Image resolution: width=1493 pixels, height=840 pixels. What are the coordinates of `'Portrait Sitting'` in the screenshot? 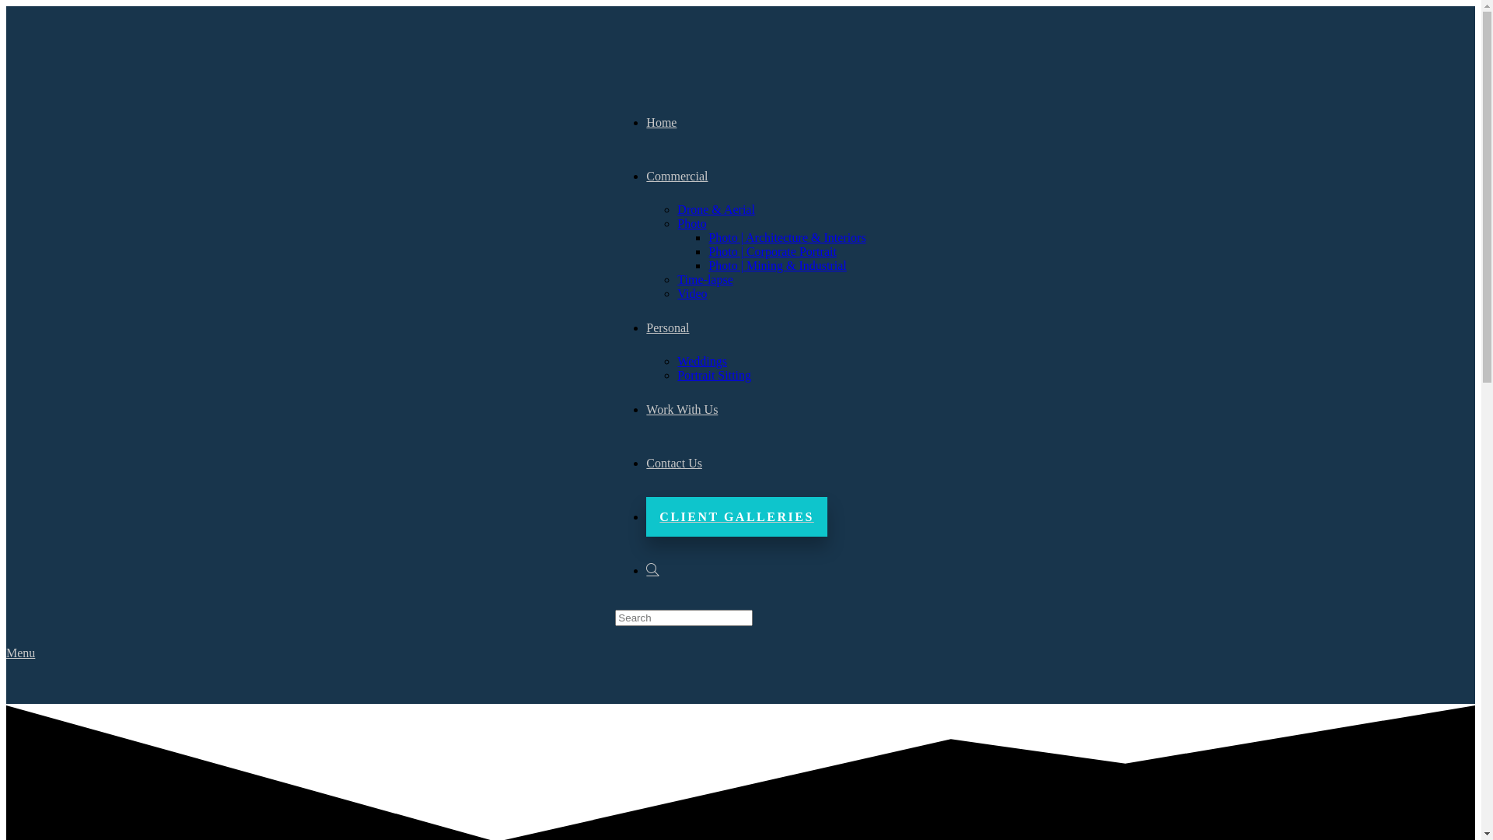 It's located at (713, 375).